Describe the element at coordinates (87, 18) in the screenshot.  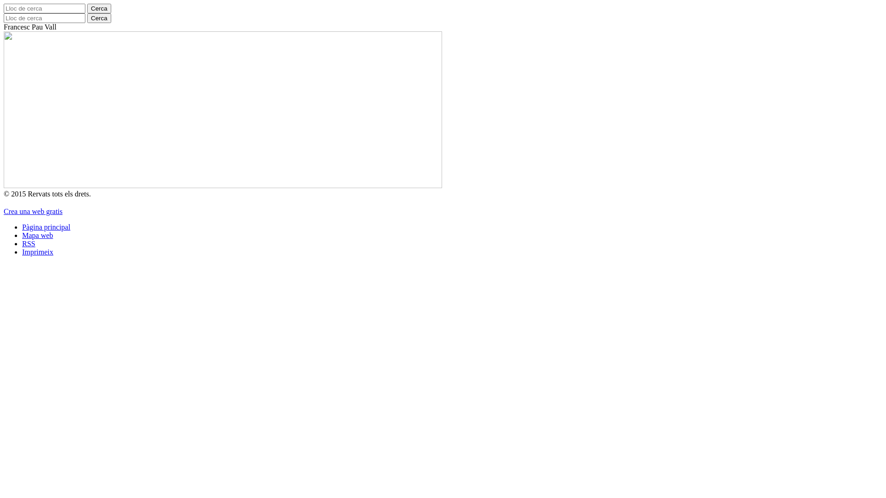
I see `'Cerca'` at that location.